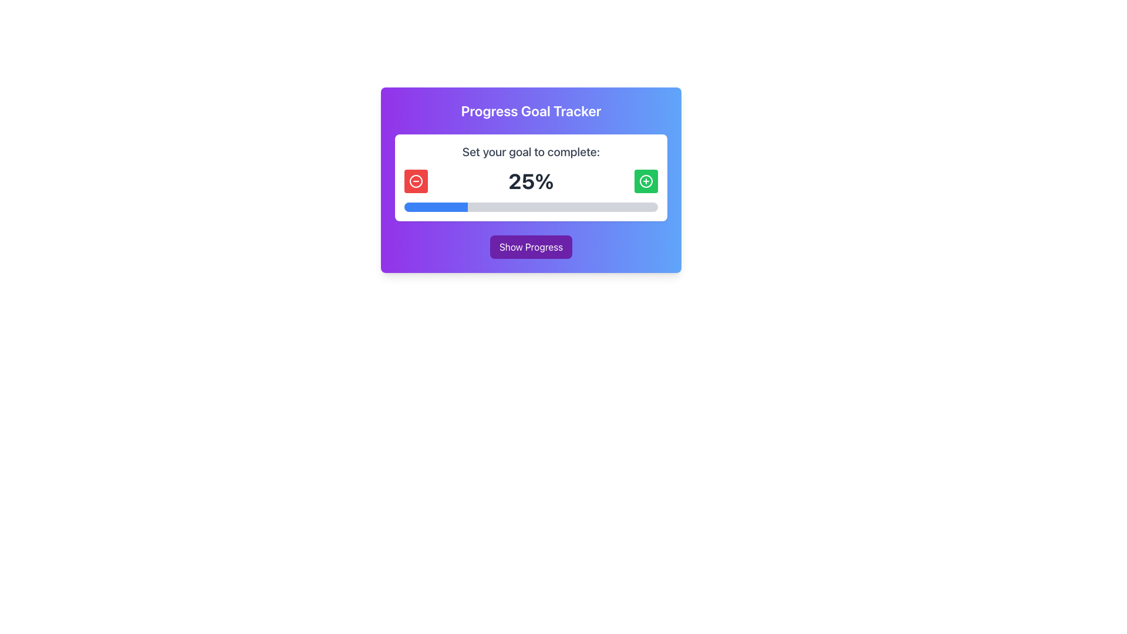  What do you see at coordinates (531, 246) in the screenshot?
I see `the button located at the bottom of the modal card with a gradient purple-blue background` at bounding box center [531, 246].